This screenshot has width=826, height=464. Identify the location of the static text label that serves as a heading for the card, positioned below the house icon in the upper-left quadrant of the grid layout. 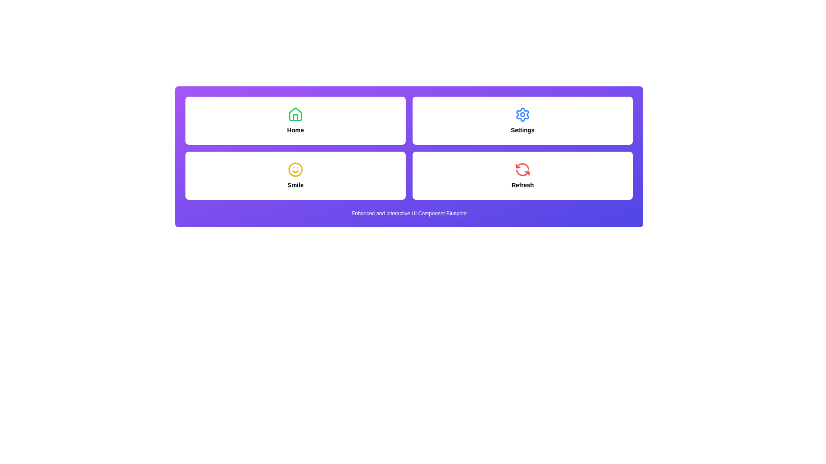
(295, 130).